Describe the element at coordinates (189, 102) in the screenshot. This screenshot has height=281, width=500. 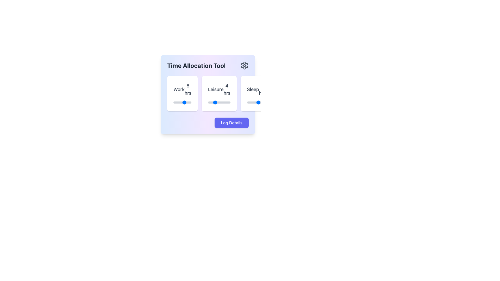
I see `work hours` at that location.